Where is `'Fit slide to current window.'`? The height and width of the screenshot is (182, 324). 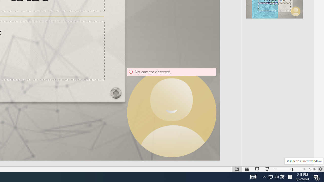 'Fit slide to current window.' is located at coordinates (303, 161).